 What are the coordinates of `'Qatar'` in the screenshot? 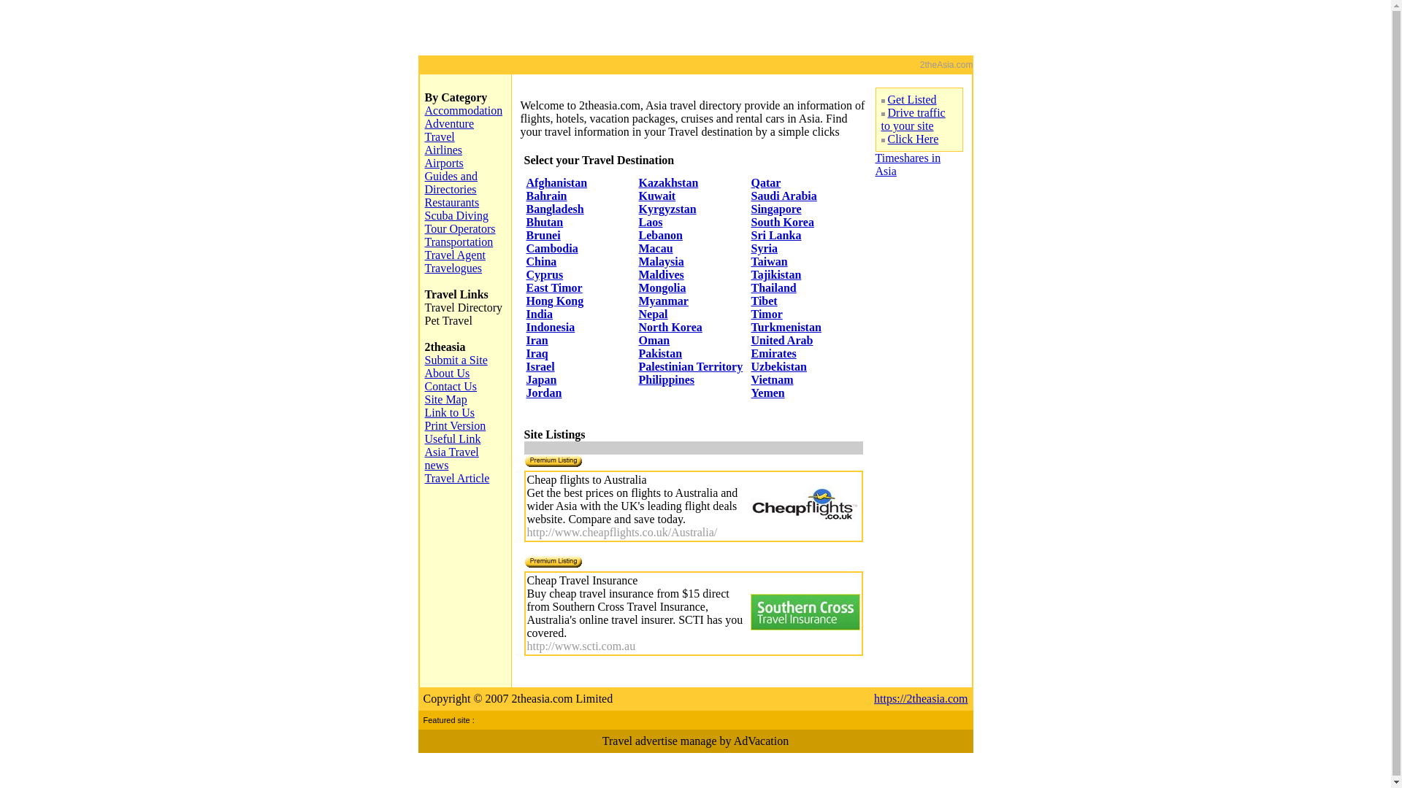 It's located at (750, 182).